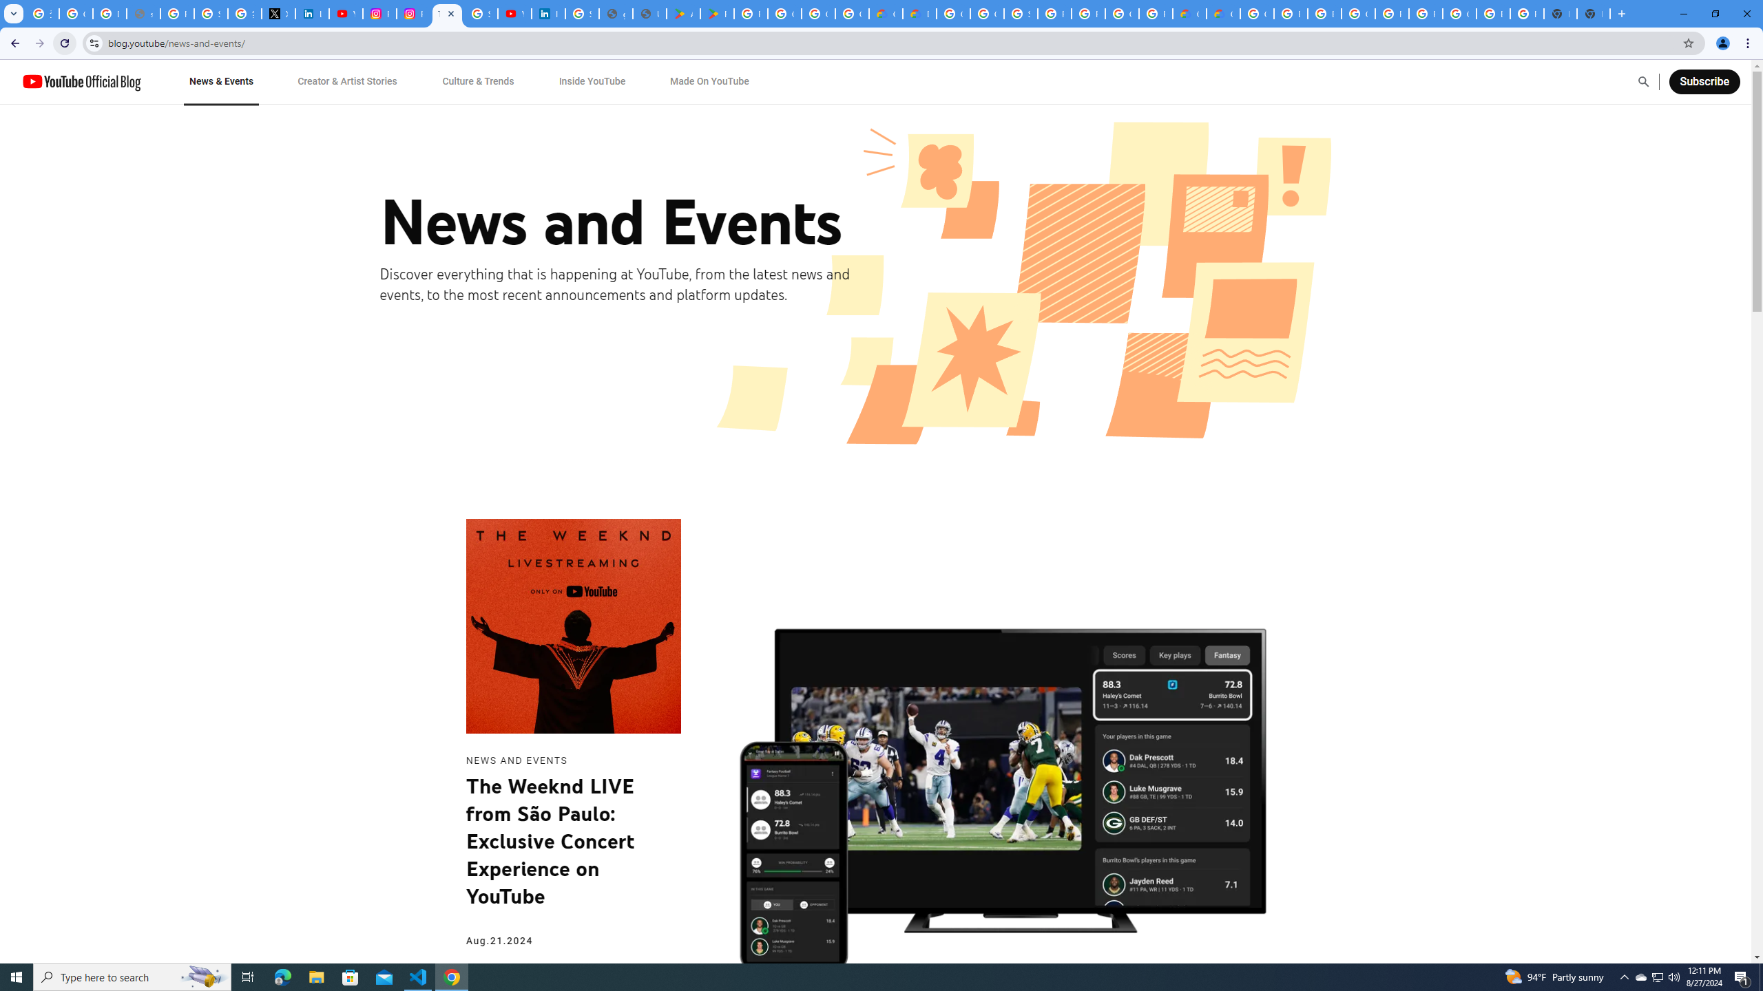  What do you see at coordinates (817, 13) in the screenshot?
I see `'Google Workspace - Specific Terms'` at bounding box center [817, 13].